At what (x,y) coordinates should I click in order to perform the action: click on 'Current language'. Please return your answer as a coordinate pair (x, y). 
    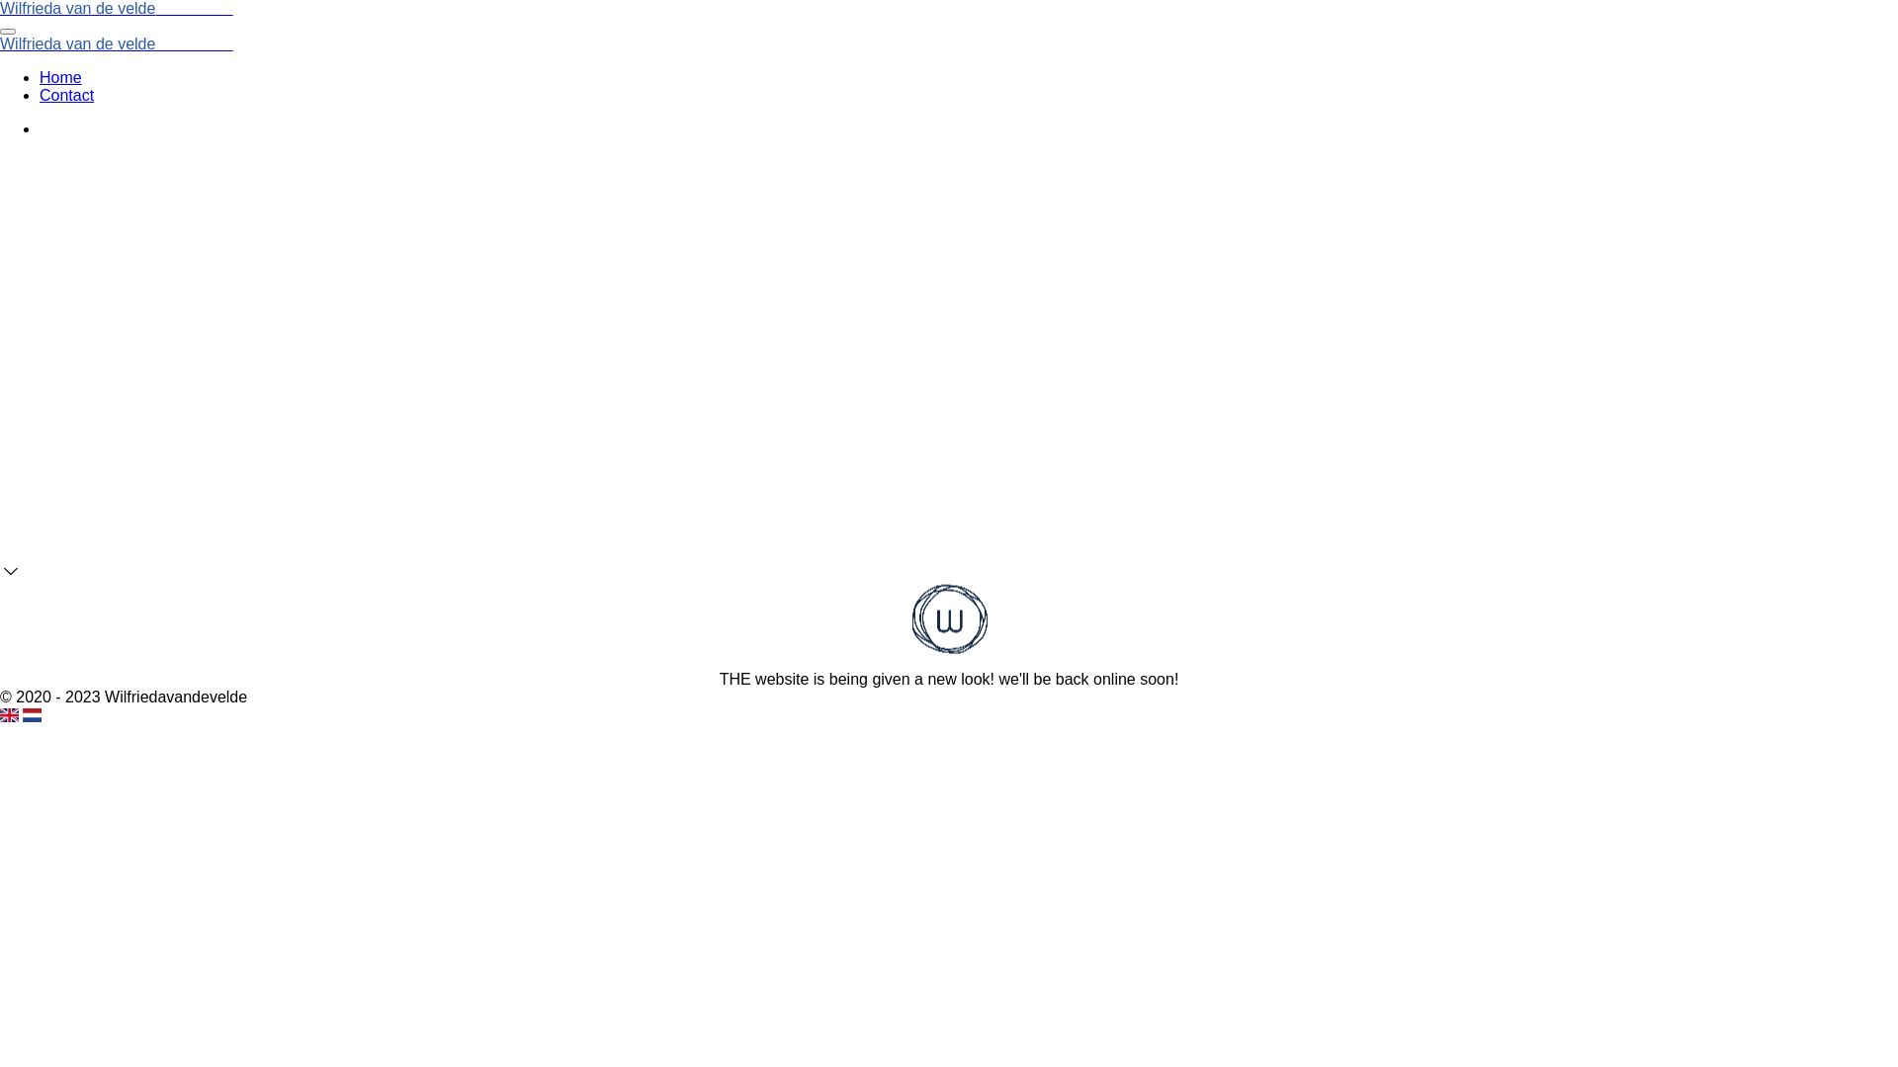
    Looking at the image, I should click on (9, 715).